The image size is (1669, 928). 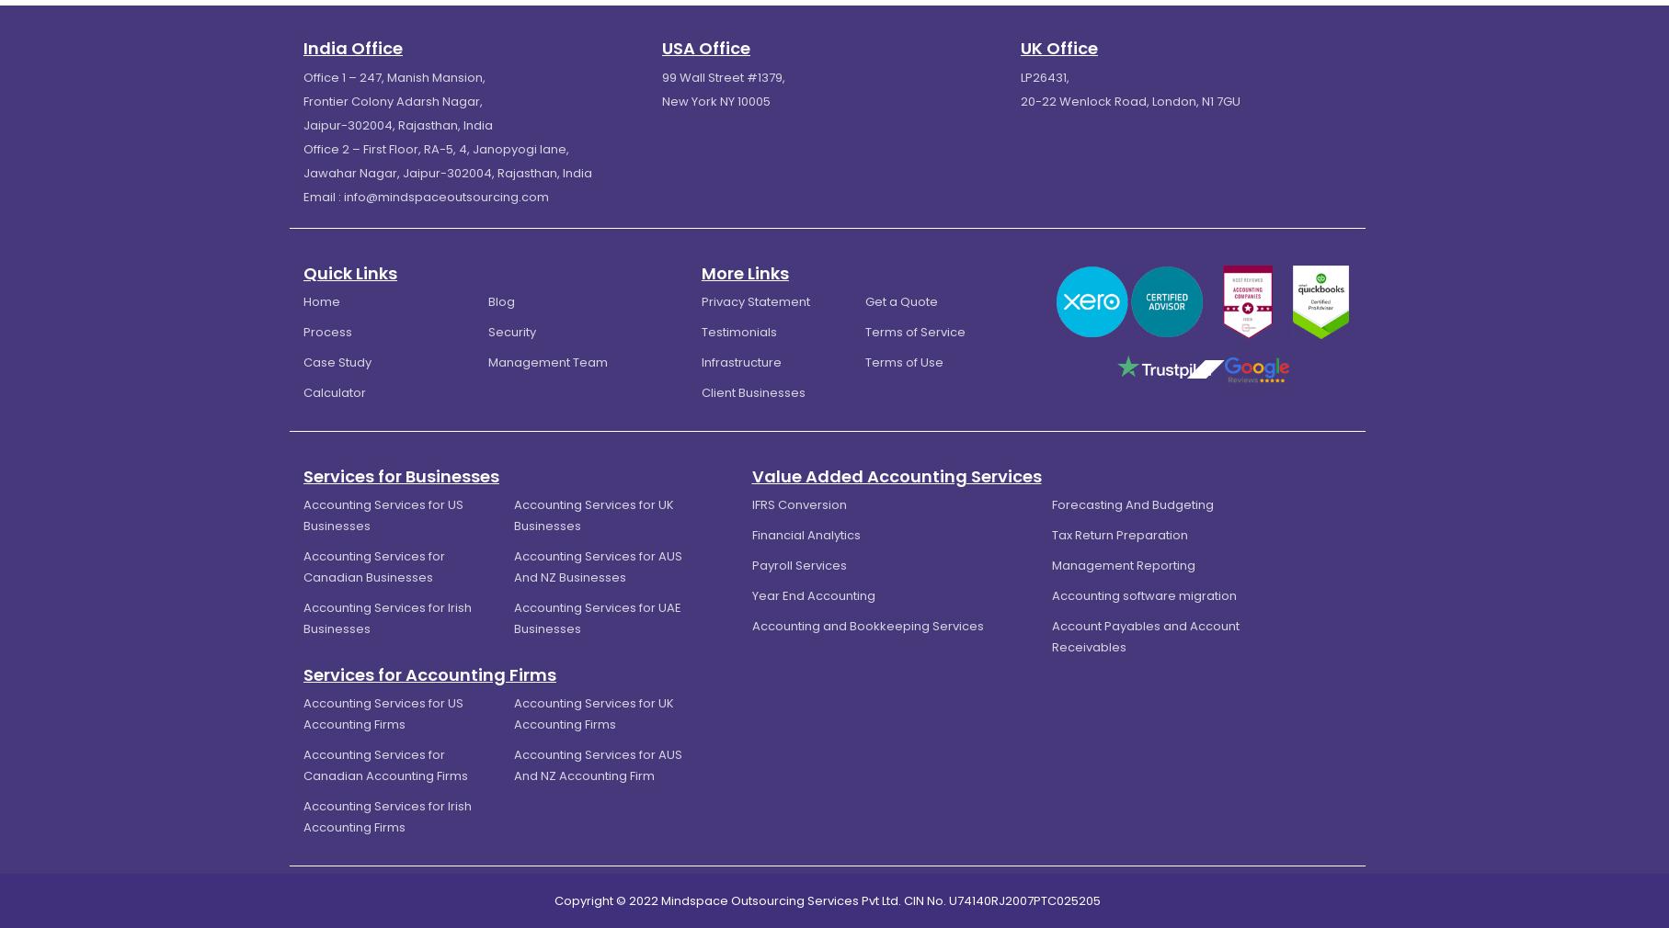 I want to click on 'Infrastructure', so click(x=740, y=361).